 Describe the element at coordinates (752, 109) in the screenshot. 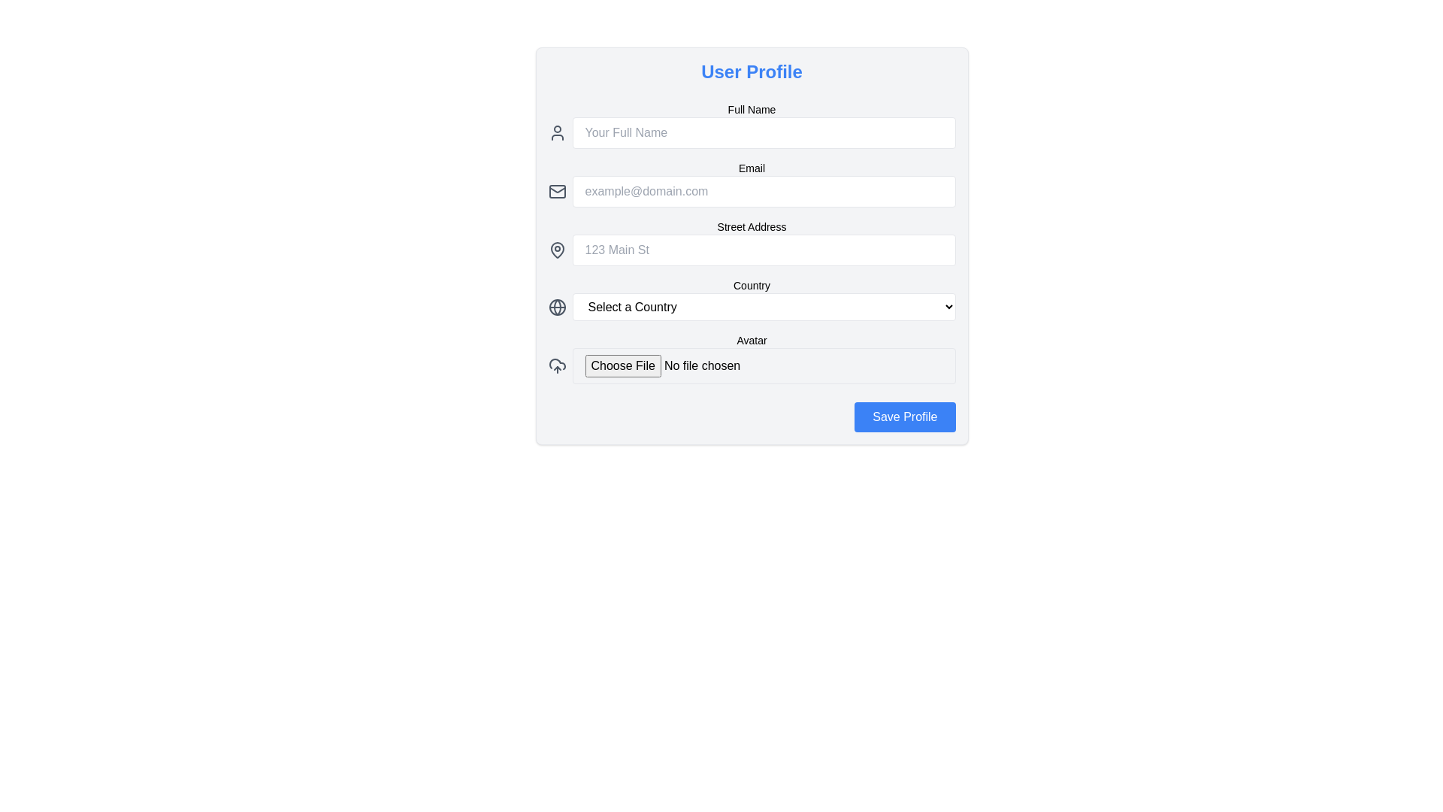

I see `the 'Full Name' text label, which is a medium-weight, small-sized sans-serif font positioned above the input field for entering the user's full name in the top-left region of the form` at that location.